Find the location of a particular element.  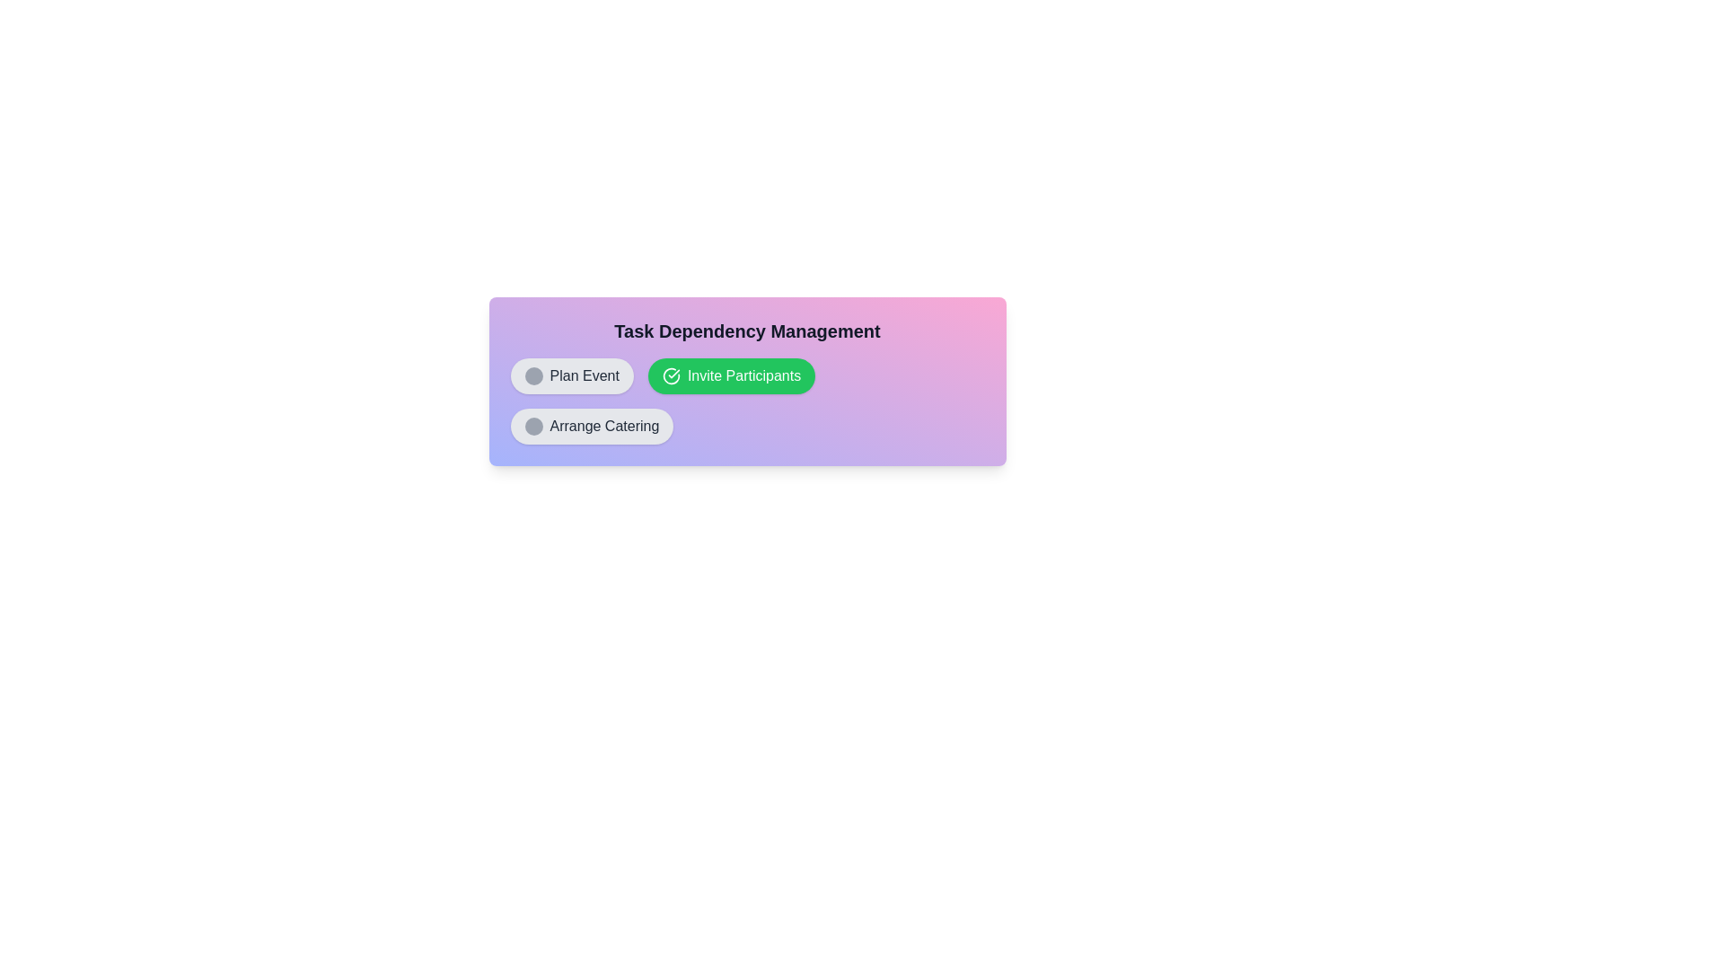

the task item Invite Participants to observe its hover effect is located at coordinates (732, 375).